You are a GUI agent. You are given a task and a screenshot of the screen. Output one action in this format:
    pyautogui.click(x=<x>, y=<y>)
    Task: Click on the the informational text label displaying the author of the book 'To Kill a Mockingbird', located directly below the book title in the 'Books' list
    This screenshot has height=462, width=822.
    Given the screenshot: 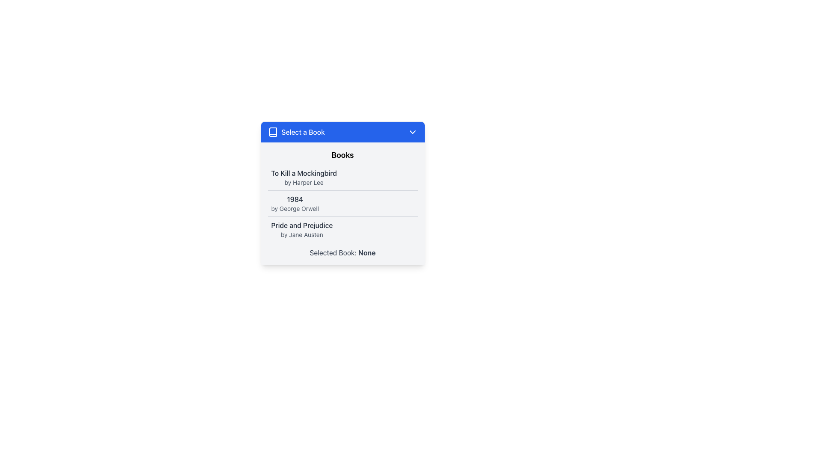 What is the action you would take?
    pyautogui.click(x=304, y=182)
    